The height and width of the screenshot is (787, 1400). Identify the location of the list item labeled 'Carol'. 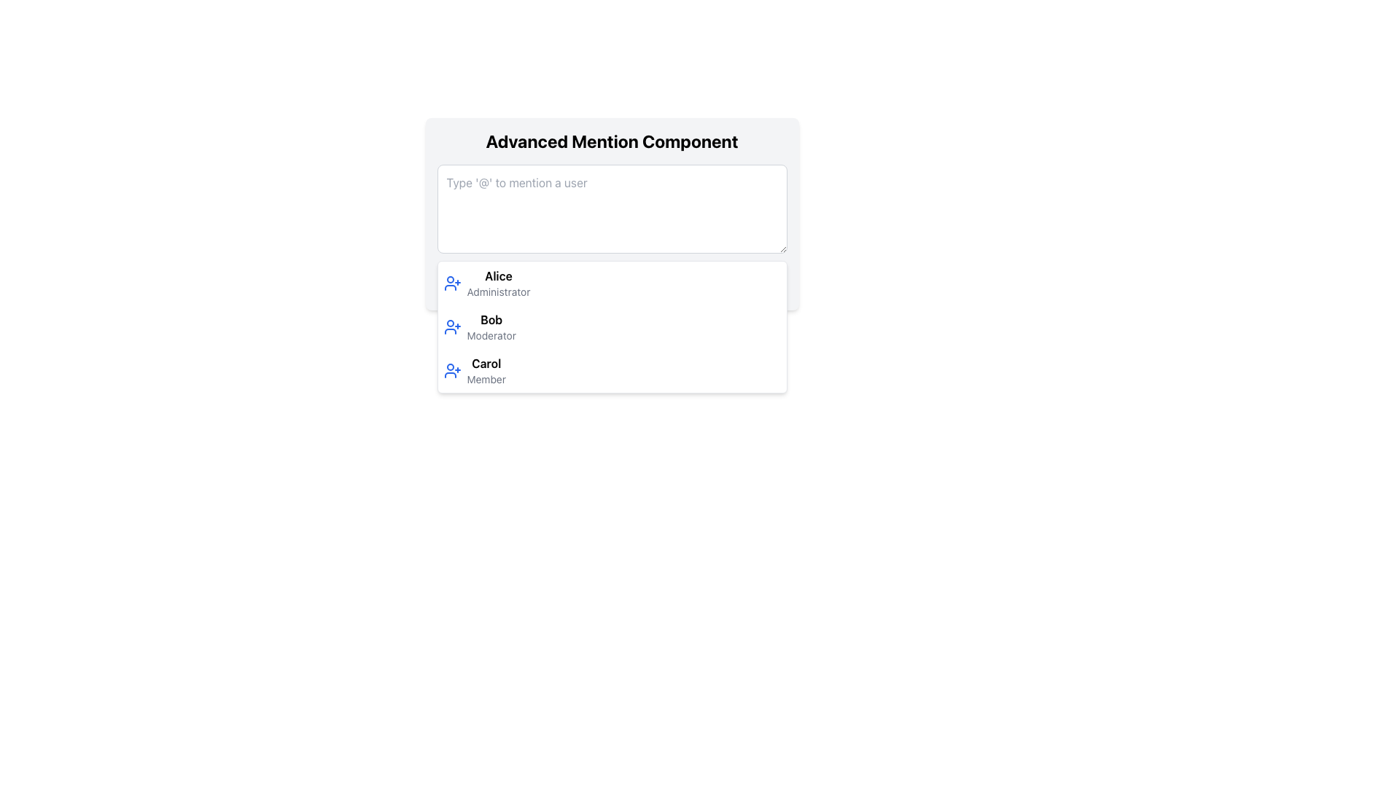
(486, 370).